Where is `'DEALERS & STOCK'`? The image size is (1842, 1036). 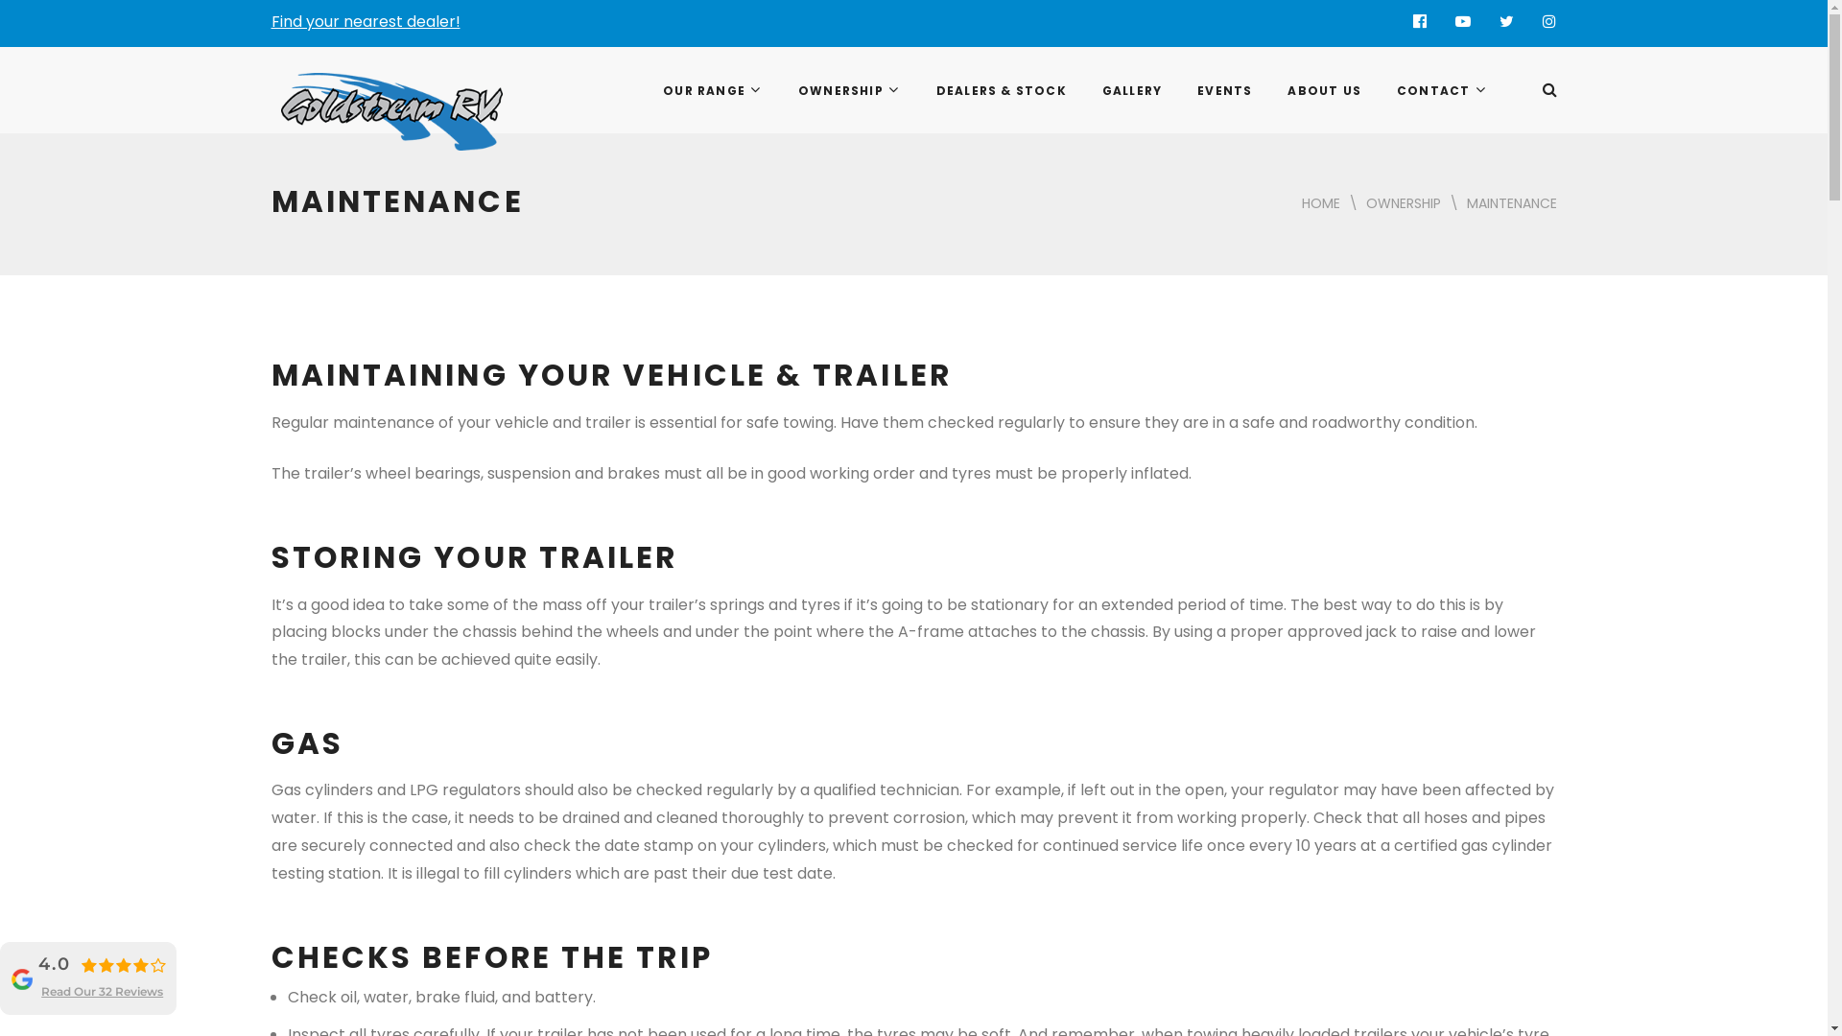
'DEALERS & STOCK' is located at coordinates (999, 90).